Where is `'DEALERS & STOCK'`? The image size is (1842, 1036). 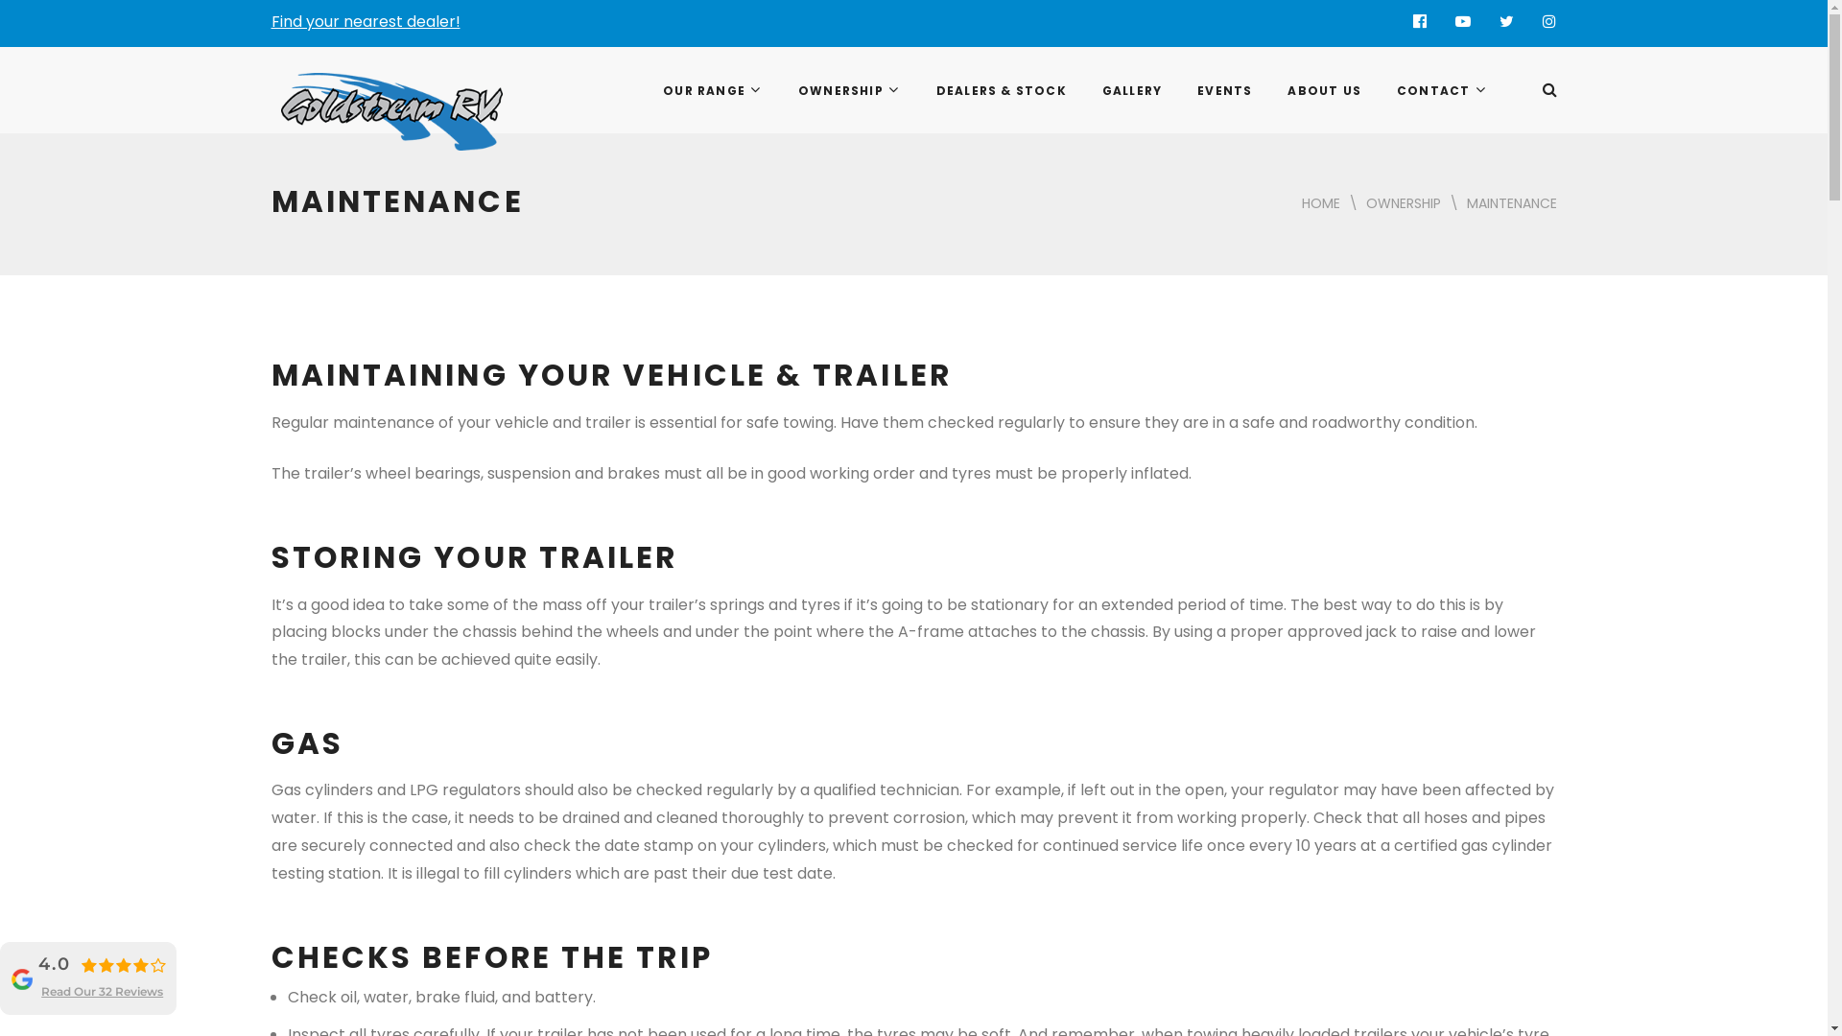
'DEALERS & STOCK' is located at coordinates (999, 90).